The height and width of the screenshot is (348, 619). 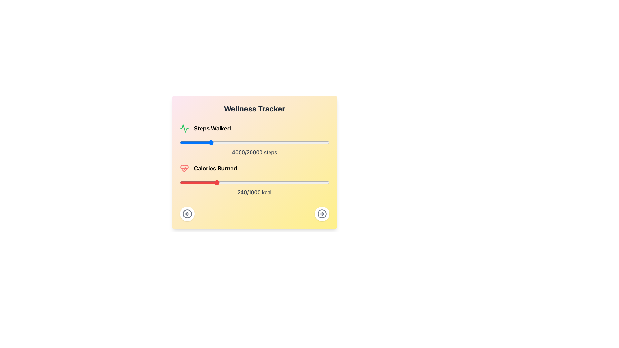 What do you see at coordinates (225, 183) in the screenshot?
I see `the calories burned slider` at bounding box center [225, 183].